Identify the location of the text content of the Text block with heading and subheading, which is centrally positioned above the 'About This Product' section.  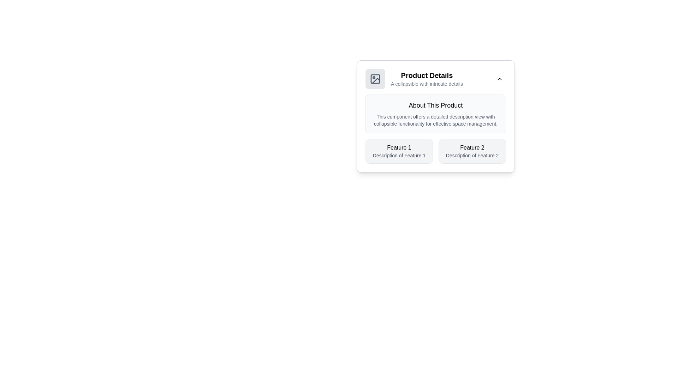
(427, 79).